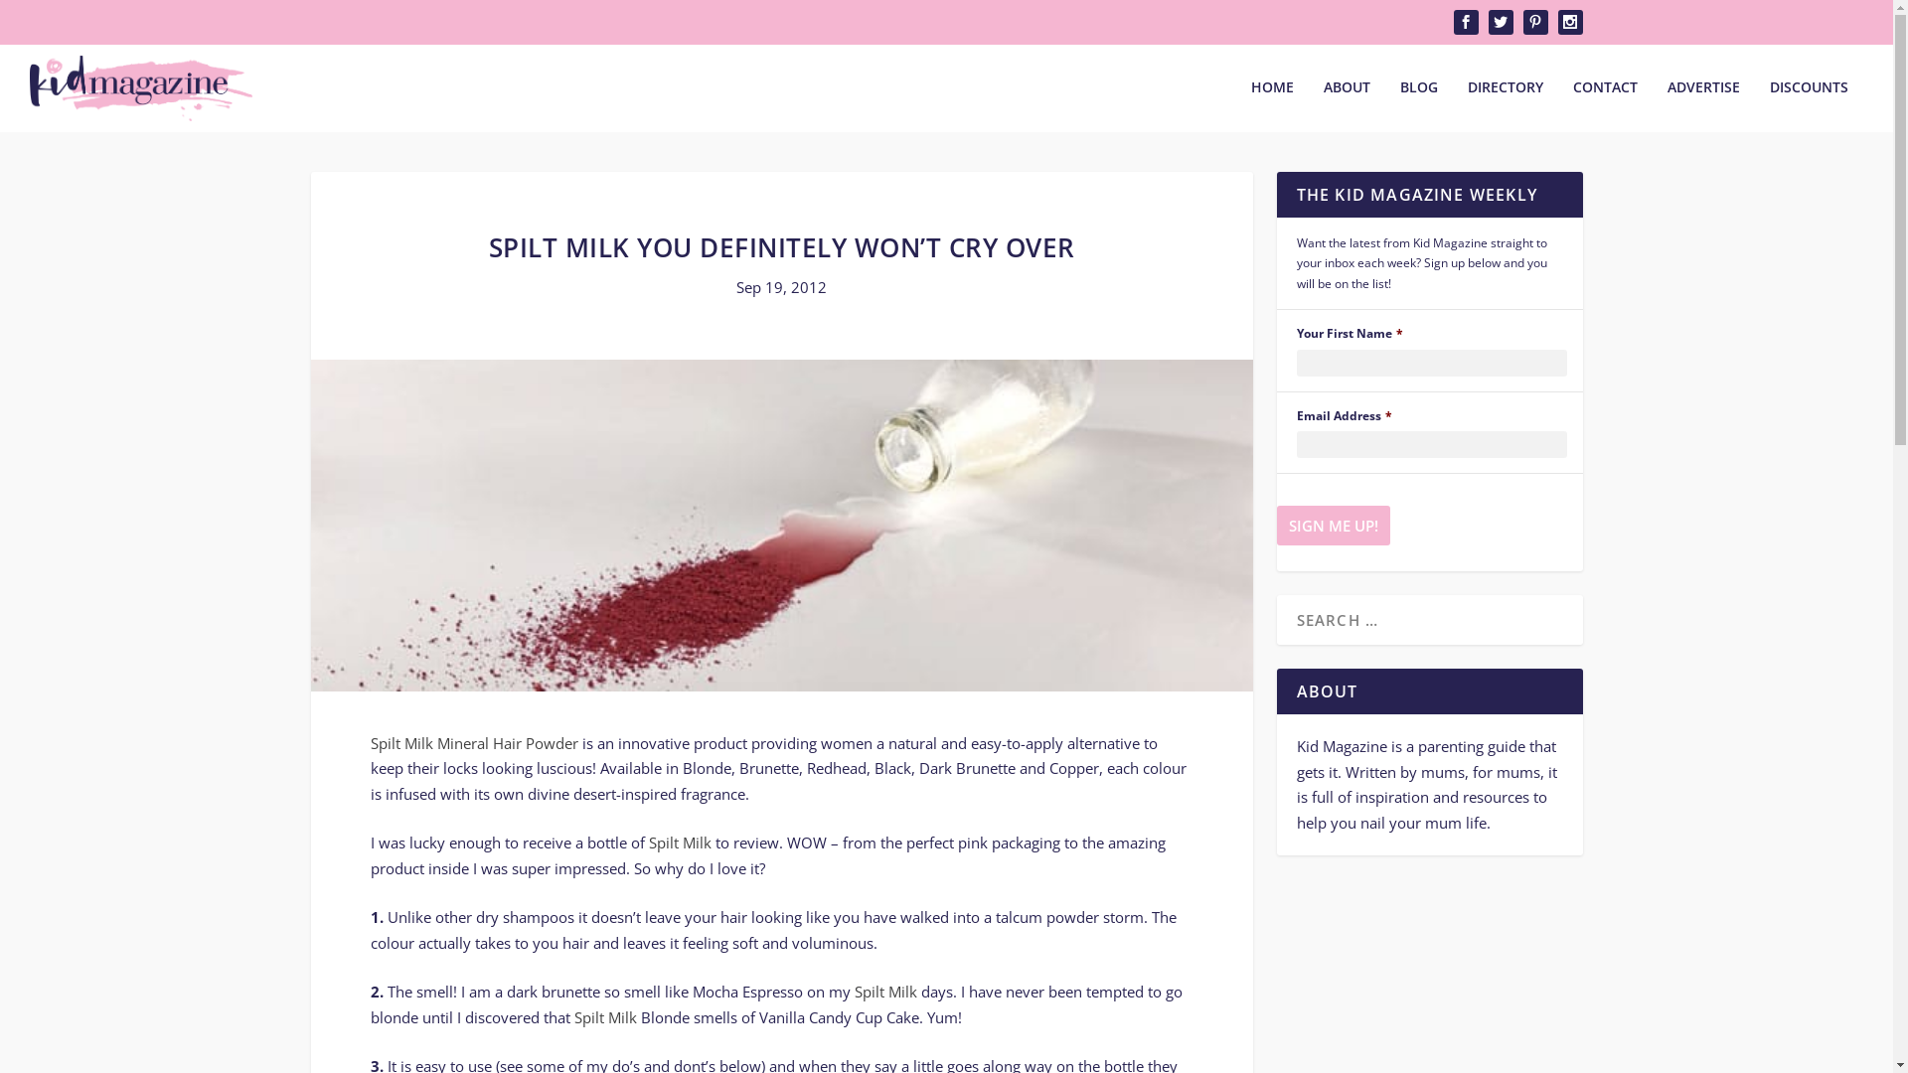 The image size is (1908, 1073). What do you see at coordinates (1332, 524) in the screenshot?
I see `'Sign me up!'` at bounding box center [1332, 524].